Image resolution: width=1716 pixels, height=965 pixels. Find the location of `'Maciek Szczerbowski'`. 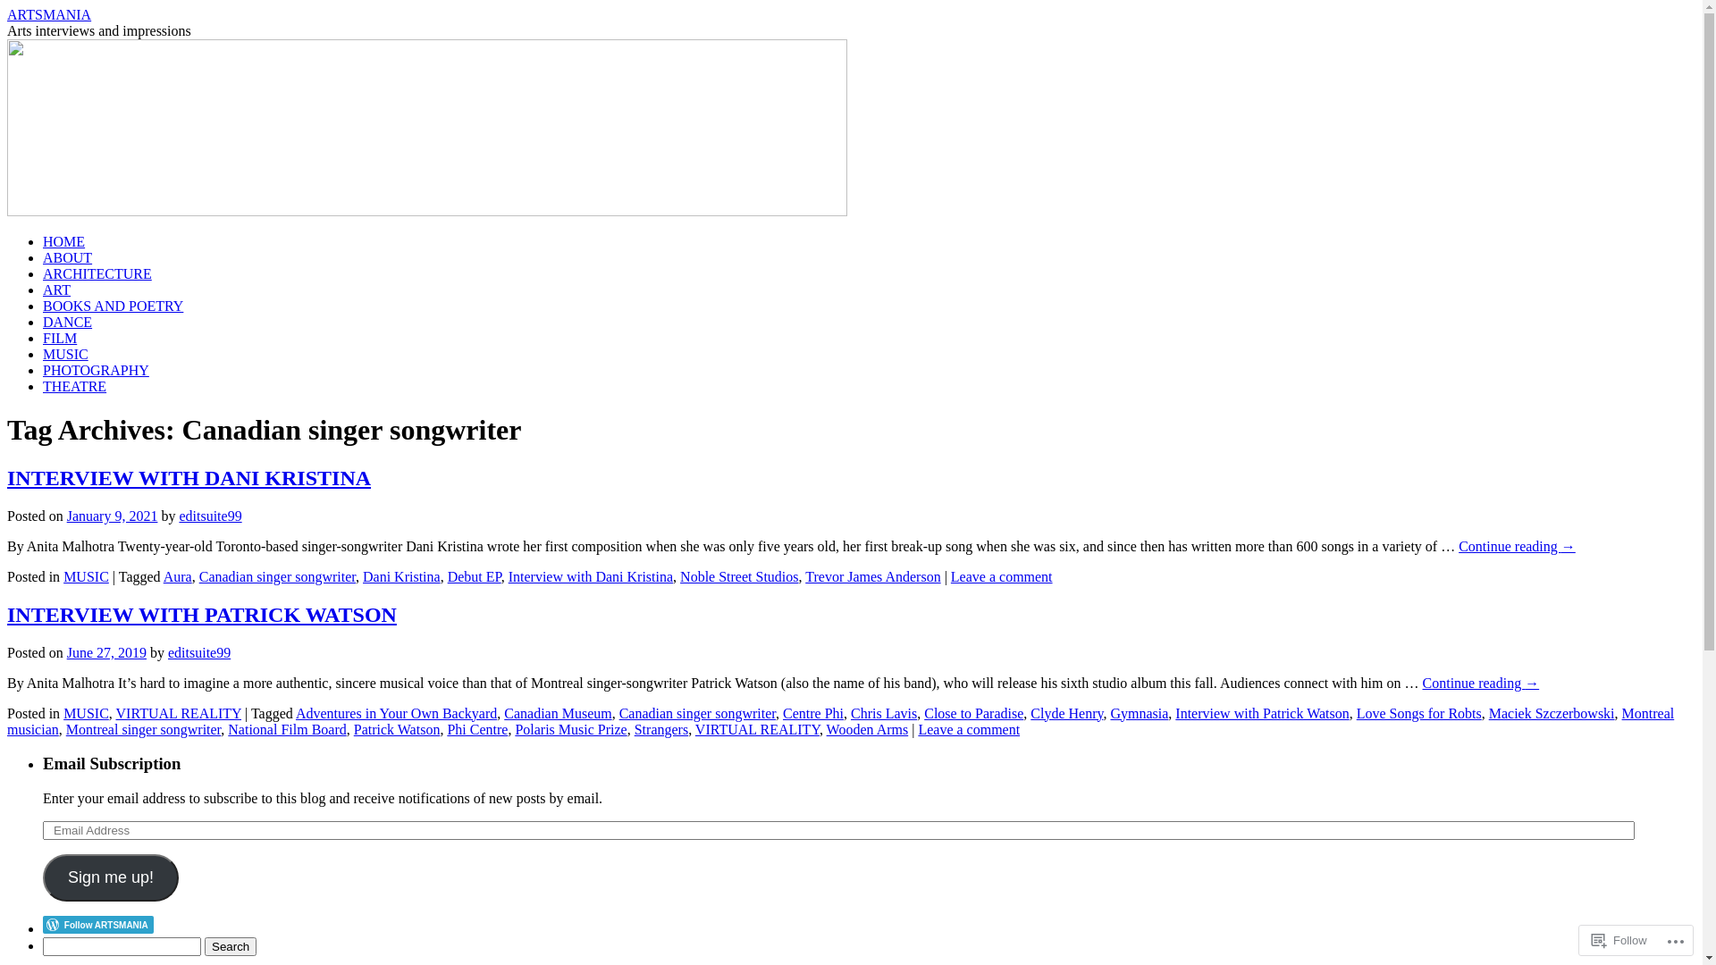

'Maciek Szczerbowski' is located at coordinates (1551, 712).